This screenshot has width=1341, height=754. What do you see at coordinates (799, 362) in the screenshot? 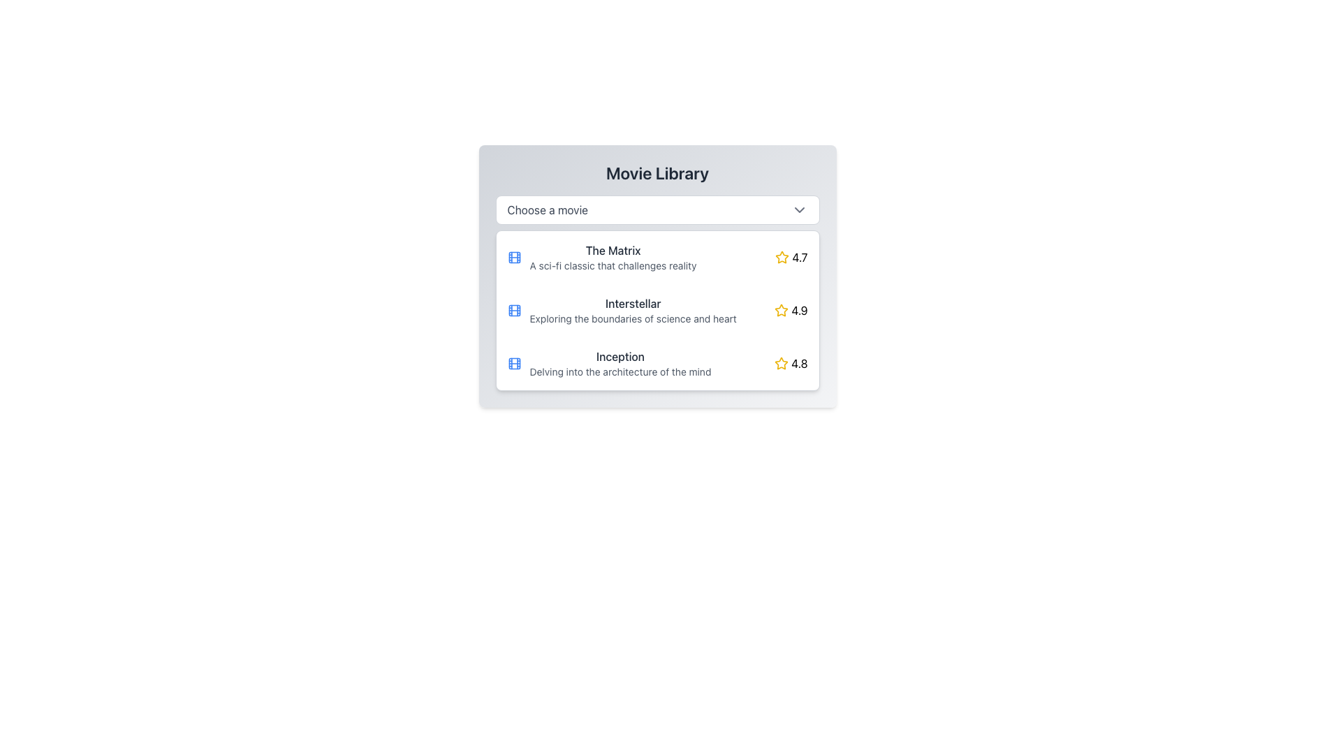
I see `rating indicator text label located immediately to the right of the star icon in the third row of the 'Inception' movie grouping` at bounding box center [799, 362].